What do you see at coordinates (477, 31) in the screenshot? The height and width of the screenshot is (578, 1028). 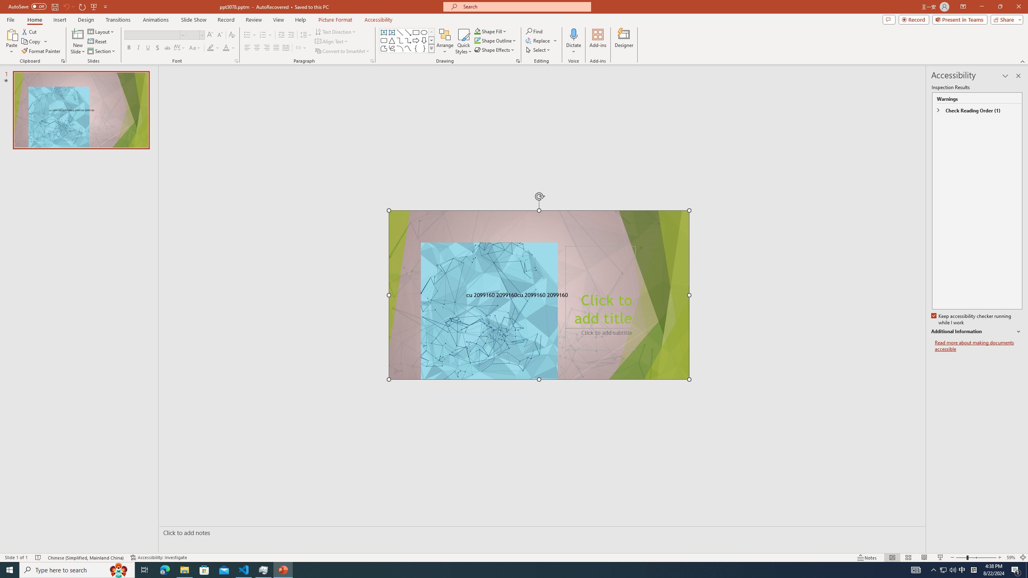 I see `'Shape Fill Dark Green, Accent 2'` at bounding box center [477, 31].